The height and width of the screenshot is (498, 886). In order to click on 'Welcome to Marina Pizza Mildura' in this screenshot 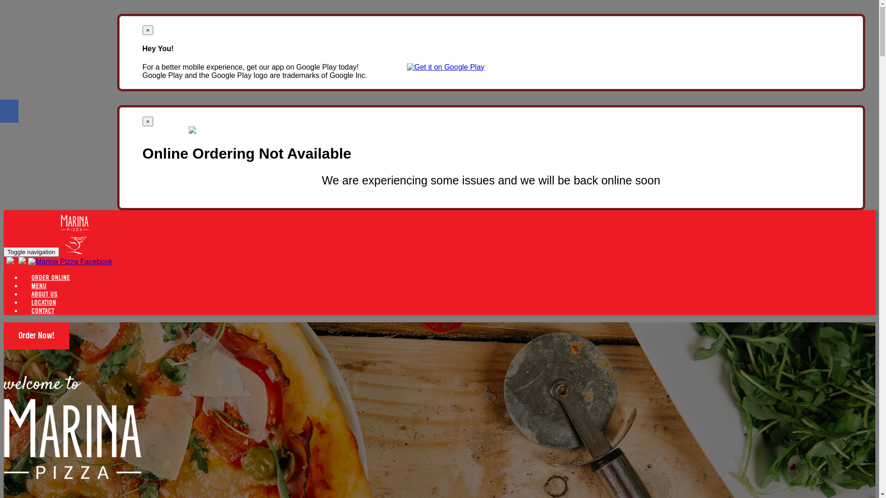, I will do `click(72, 438)`.